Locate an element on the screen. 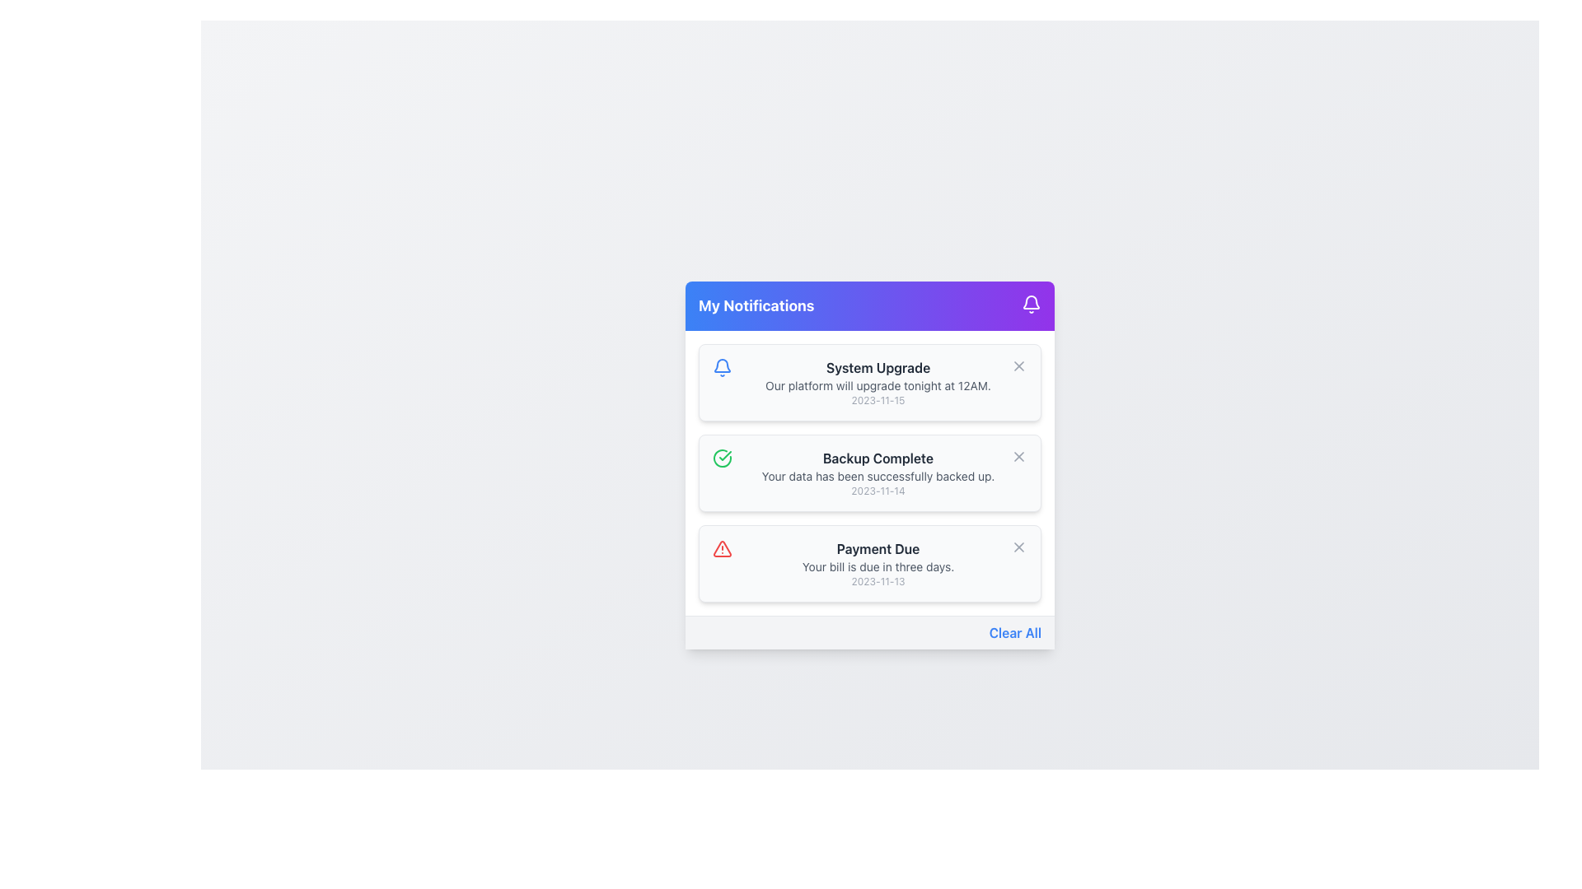 This screenshot has width=1582, height=889. the text element that reads 'Your data has been successfully backed up.' which is styled in a small gray font, positioned below 'Backup Complete' and above '2023-11-14' in the notification card is located at coordinates (877, 476).